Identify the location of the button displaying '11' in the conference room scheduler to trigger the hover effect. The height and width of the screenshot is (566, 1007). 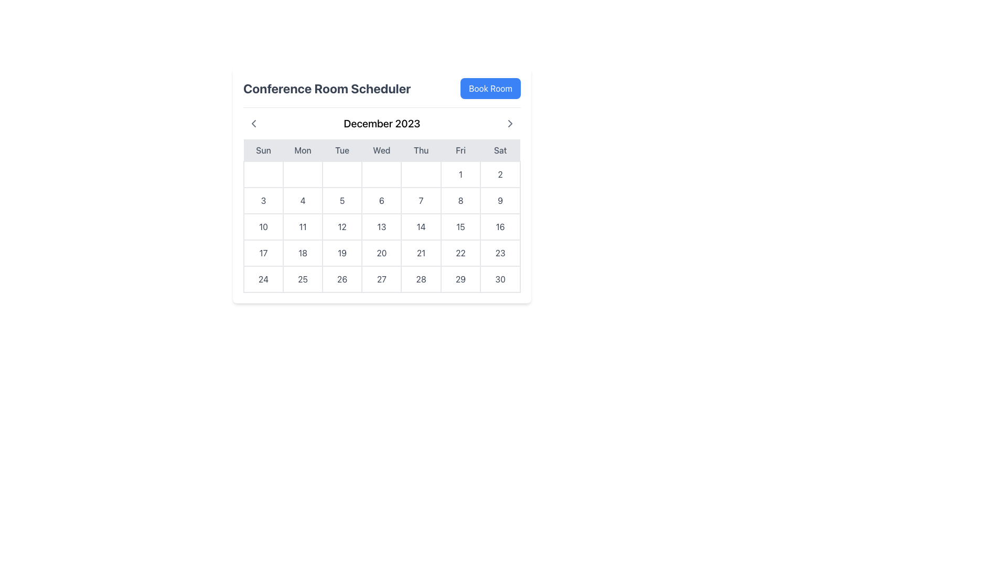
(302, 226).